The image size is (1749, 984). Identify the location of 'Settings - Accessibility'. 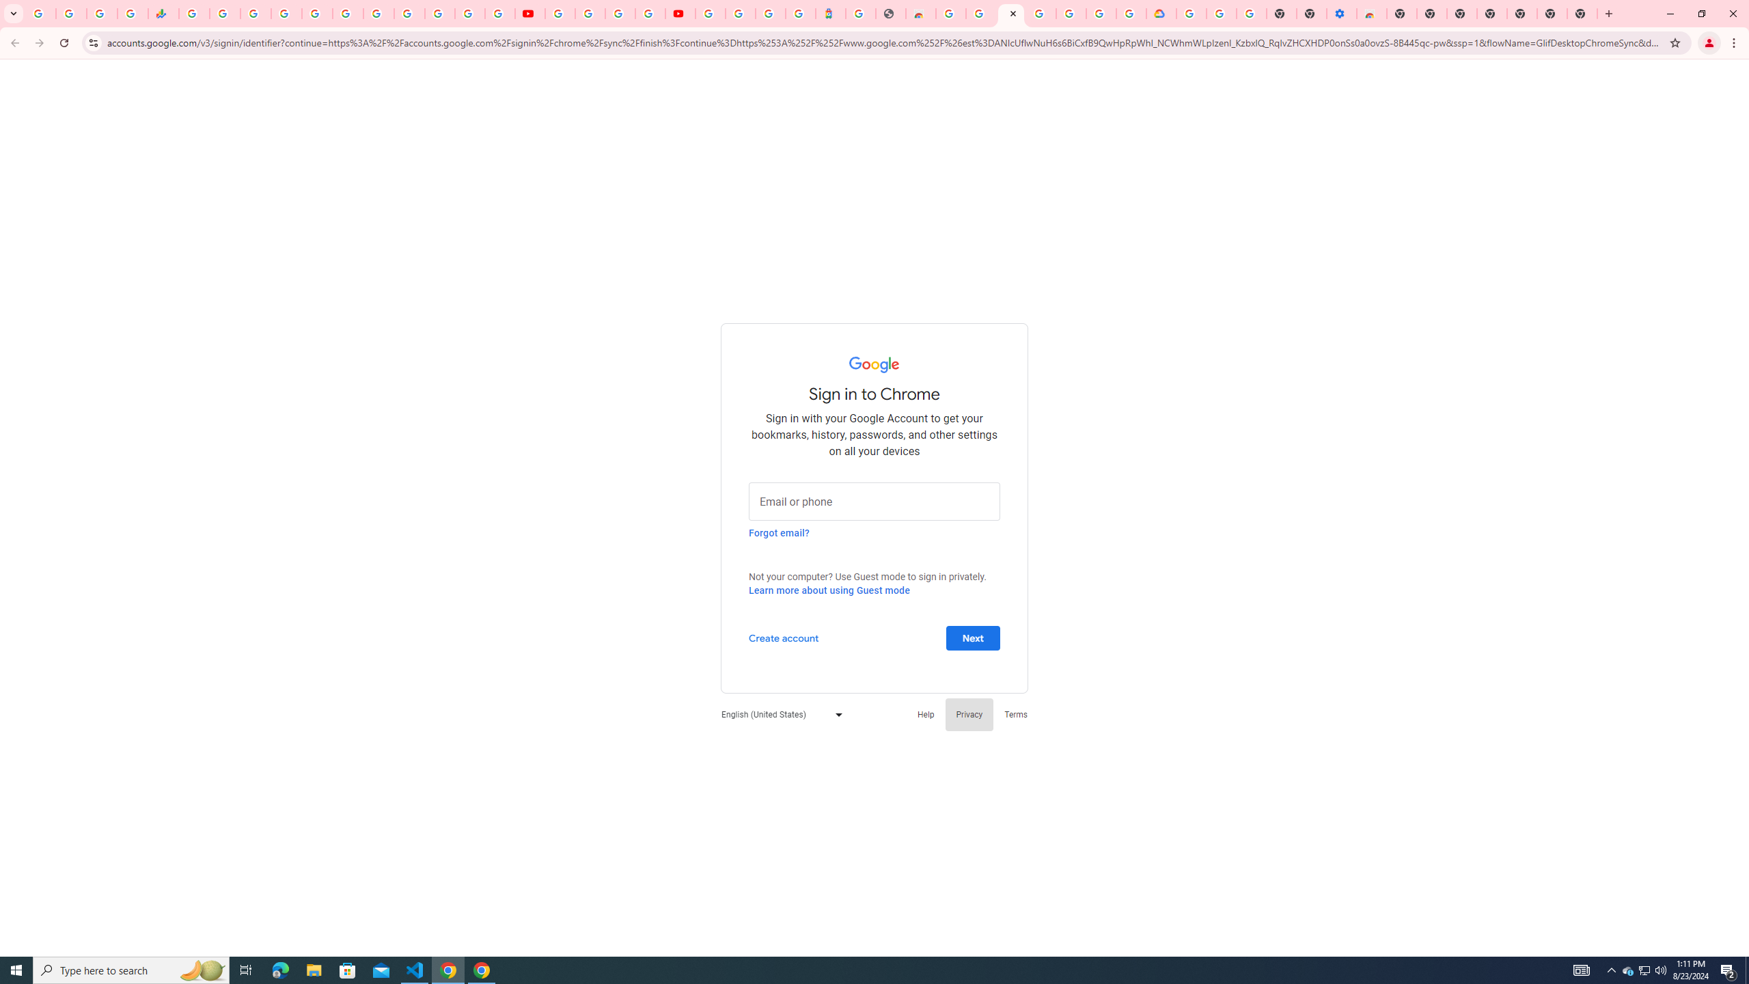
(1340, 13).